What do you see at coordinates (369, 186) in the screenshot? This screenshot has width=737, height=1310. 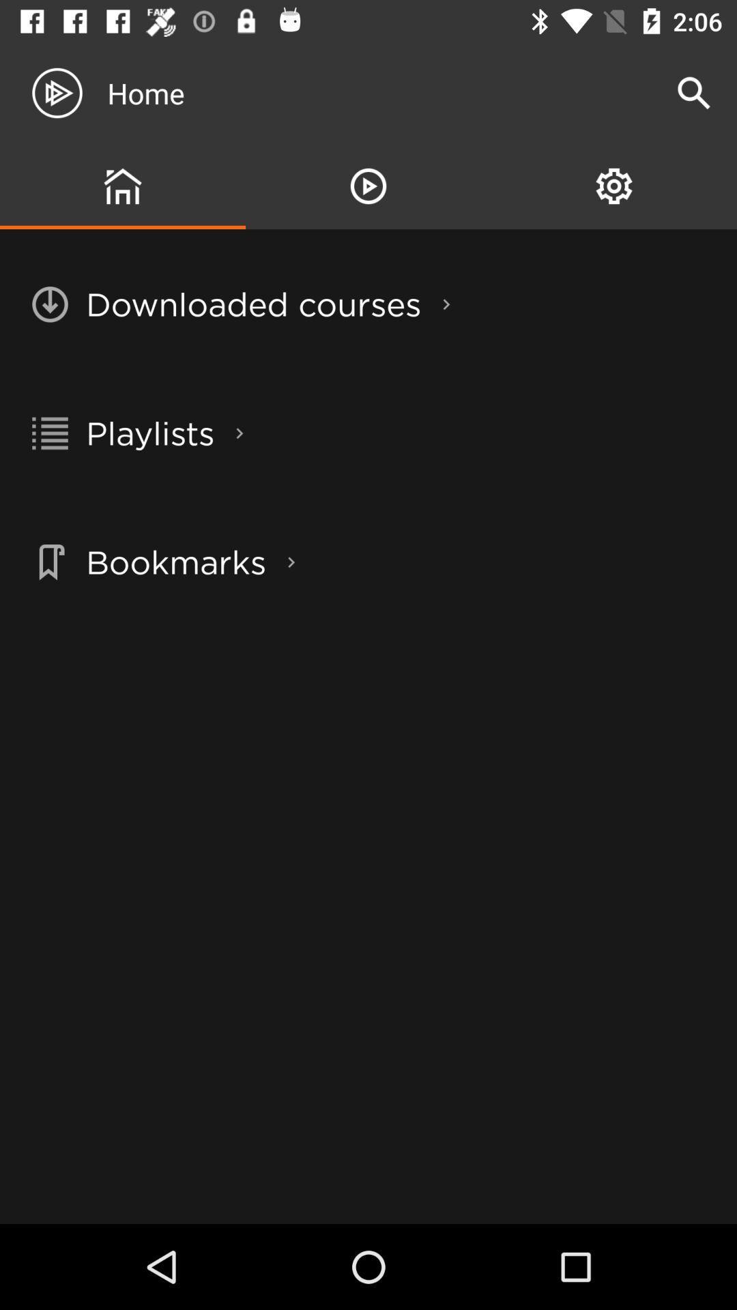 I see `the icon above downloaded courses` at bounding box center [369, 186].